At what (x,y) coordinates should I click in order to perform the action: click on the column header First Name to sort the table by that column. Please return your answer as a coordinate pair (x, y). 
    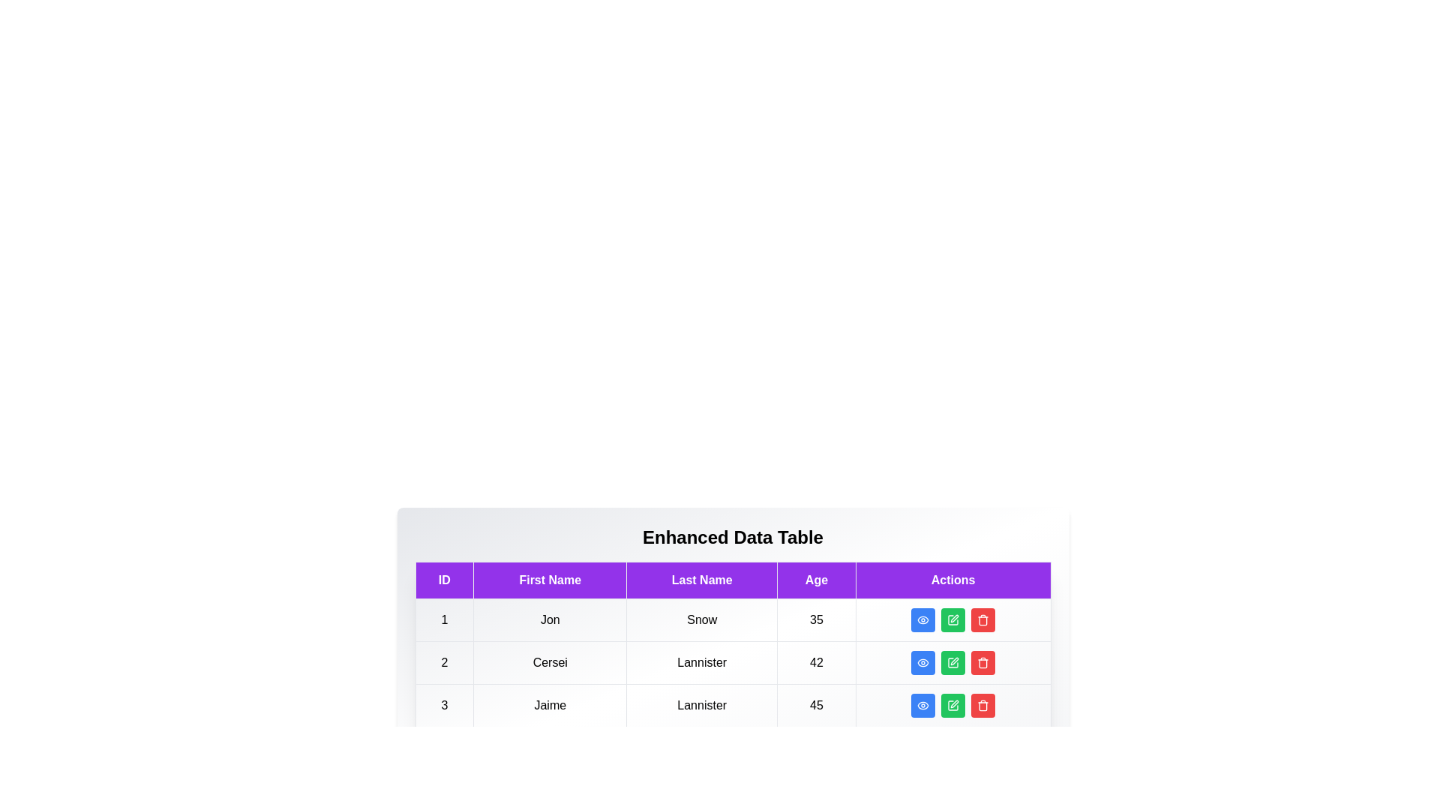
    Looking at the image, I should click on (549, 580).